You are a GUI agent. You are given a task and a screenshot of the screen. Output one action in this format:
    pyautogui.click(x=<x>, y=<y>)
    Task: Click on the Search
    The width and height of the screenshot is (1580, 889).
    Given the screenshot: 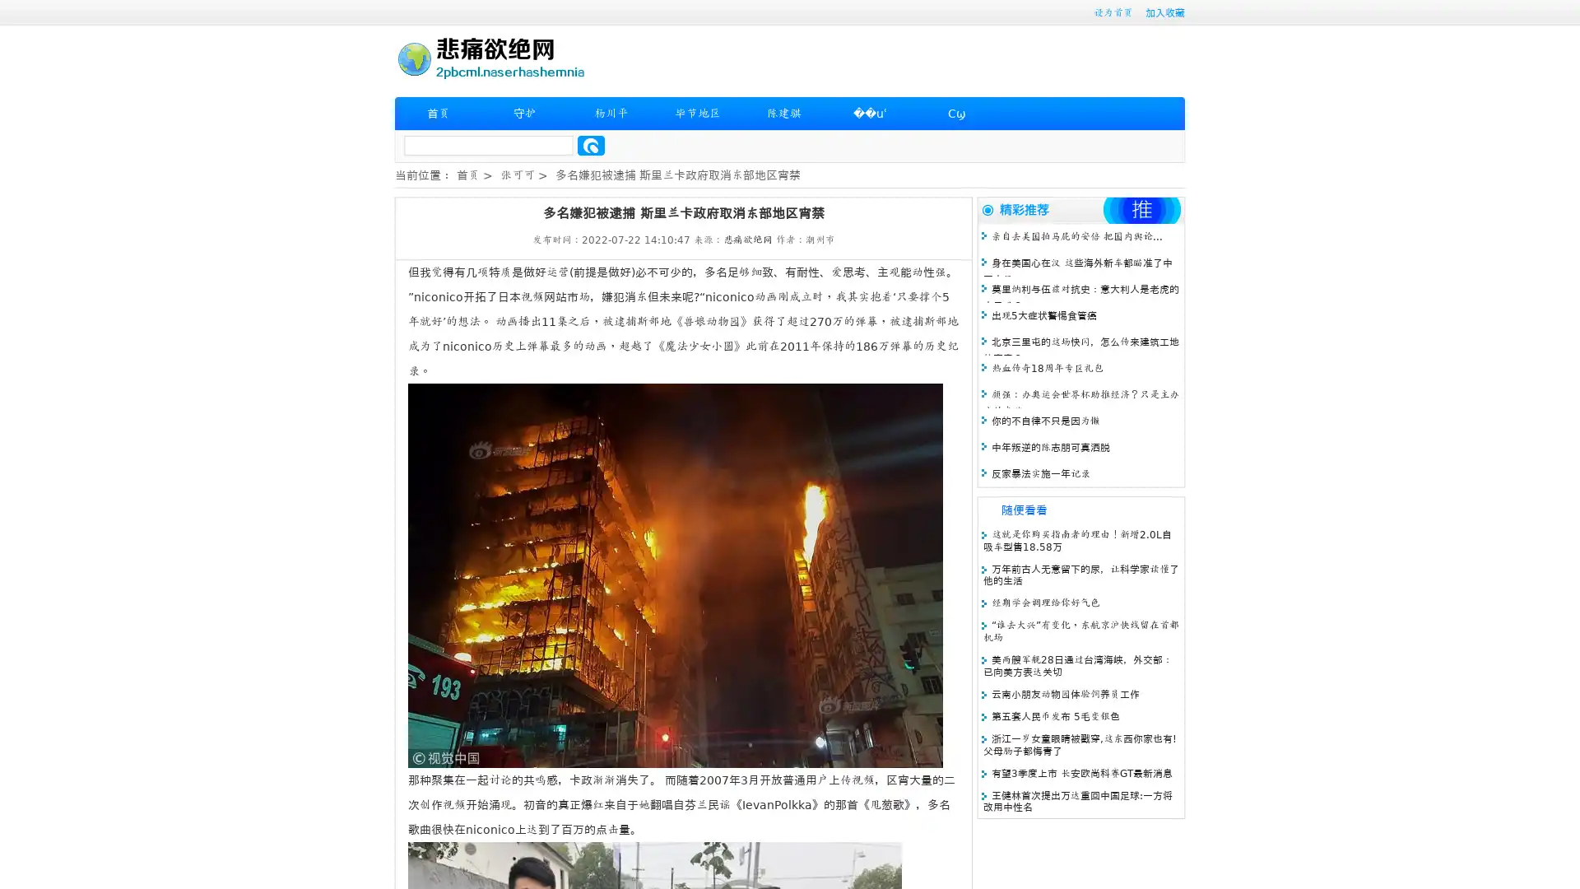 What is the action you would take?
    pyautogui.click(x=591, y=145)
    